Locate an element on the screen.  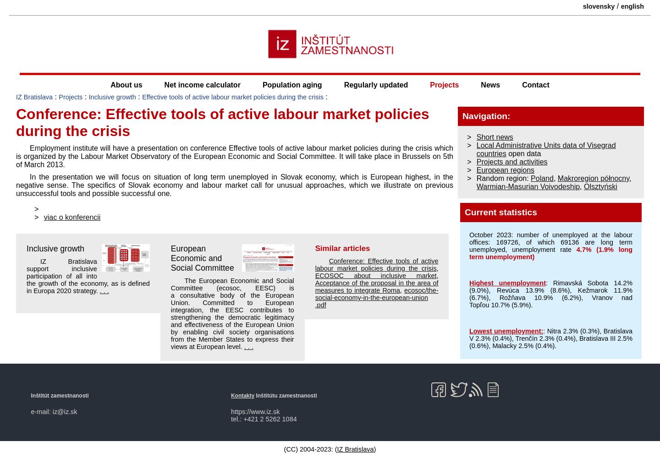
'english' is located at coordinates (632, 6).